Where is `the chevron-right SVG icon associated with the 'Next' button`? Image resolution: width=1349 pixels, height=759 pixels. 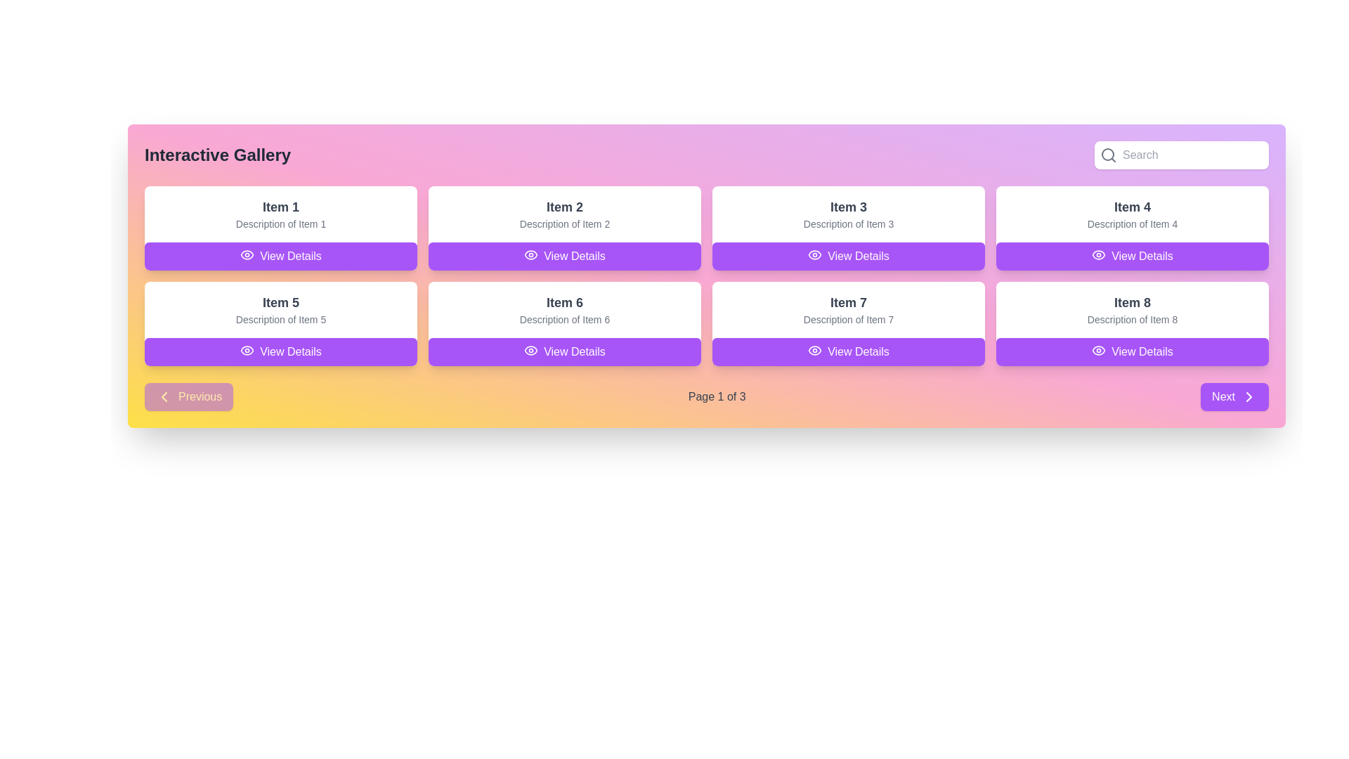 the chevron-right SVG icon associated with the 'Next' button is located at coordinates (1249, 396).